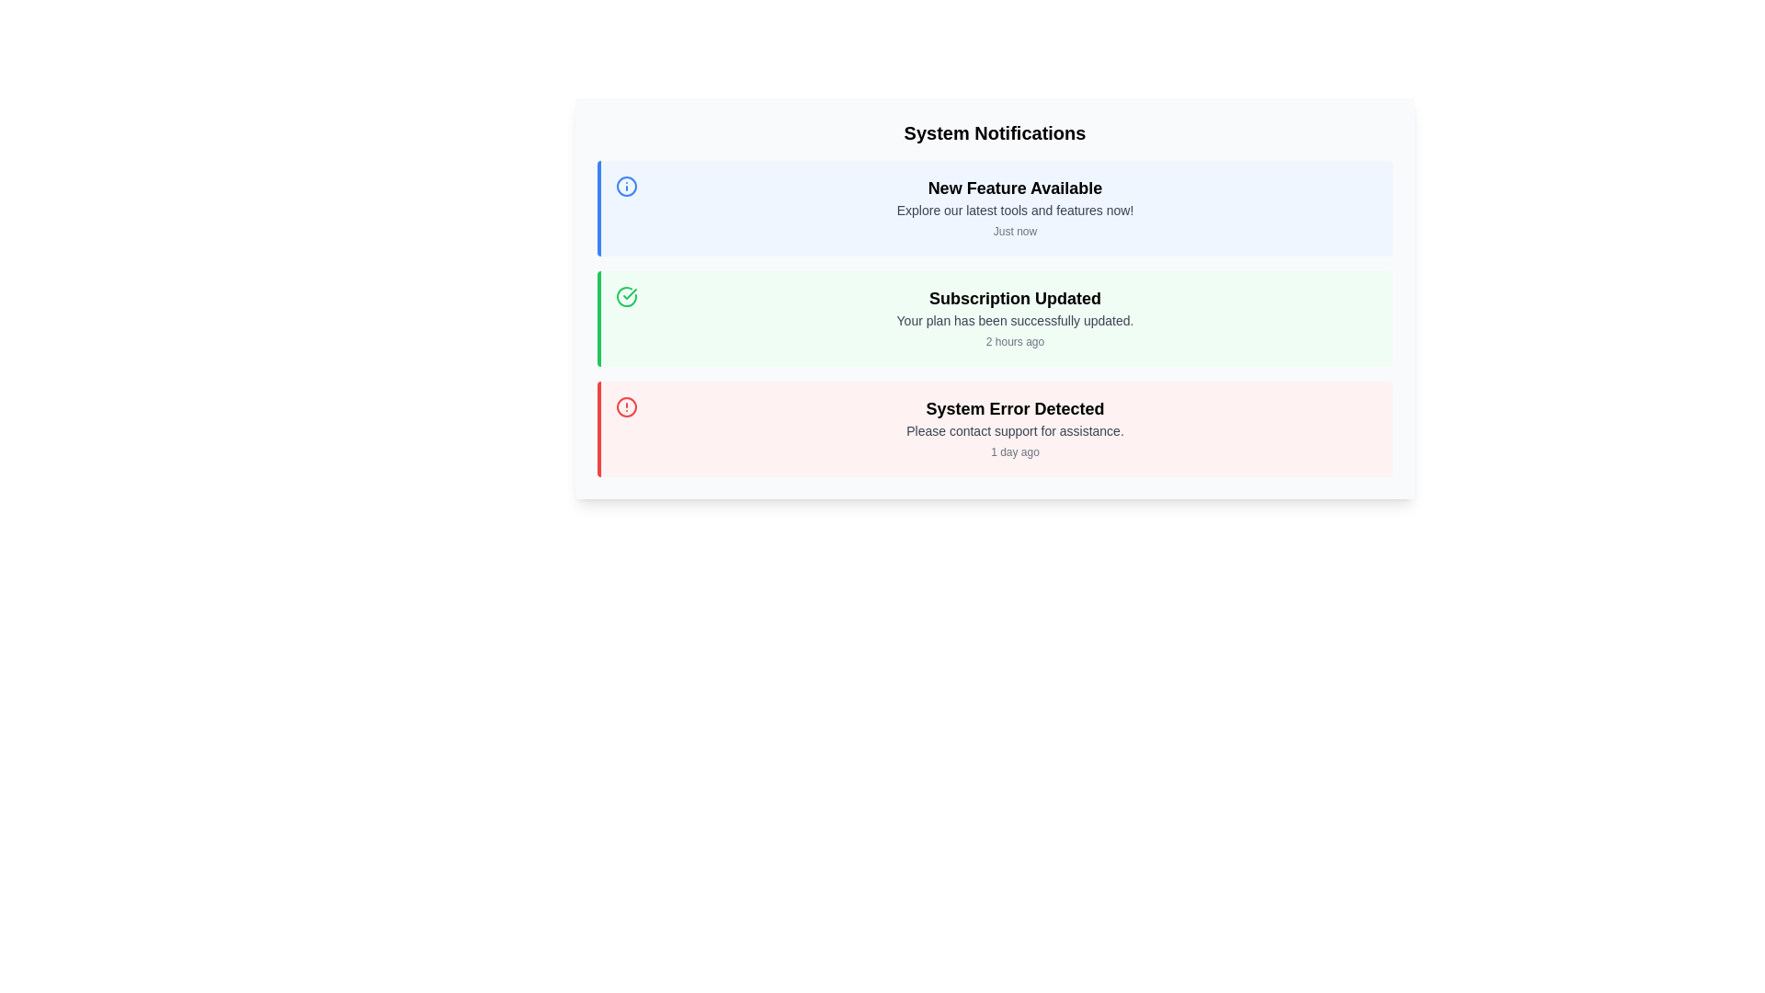 The image size is (1765, 993). What do you see at coordinates (1014, 407) in the screenshot?
I see `the text element reading 'System Error Detected', which is styled in bold and large font against a light red background, located in the notification pane` at bounding box center [1014, 407].